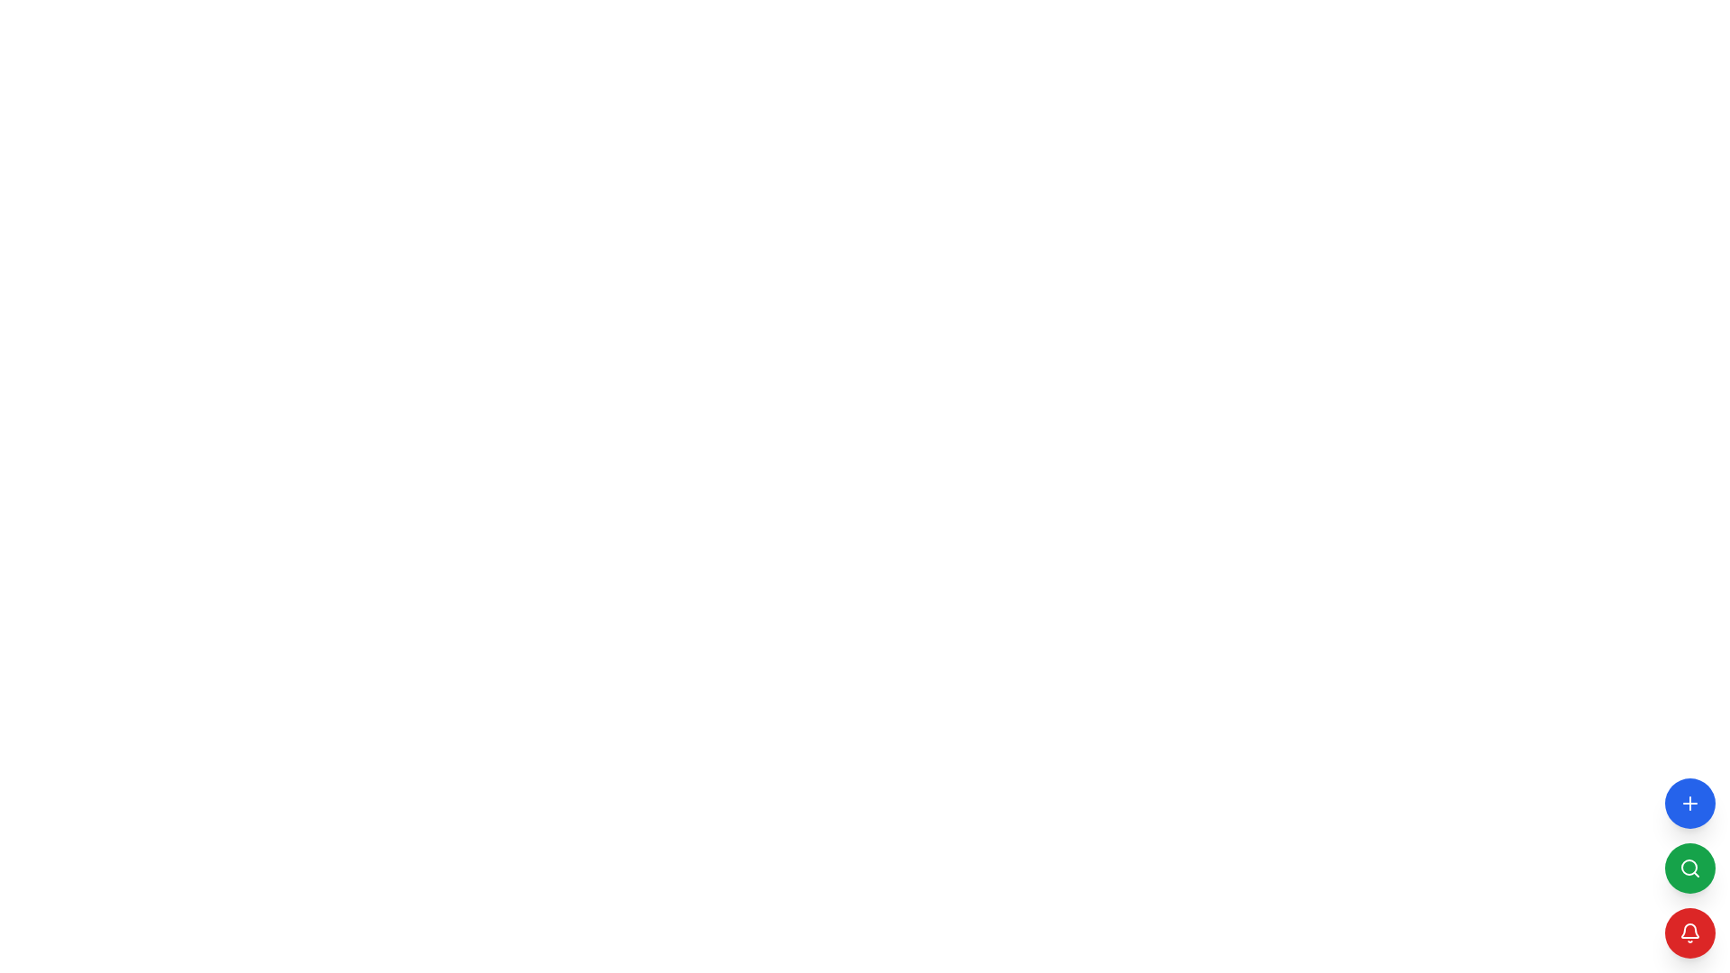  Describe the element at coordinates (1689, 868) in the screenshot. I see `the circular green button with a magnifying glass icon` at that location.